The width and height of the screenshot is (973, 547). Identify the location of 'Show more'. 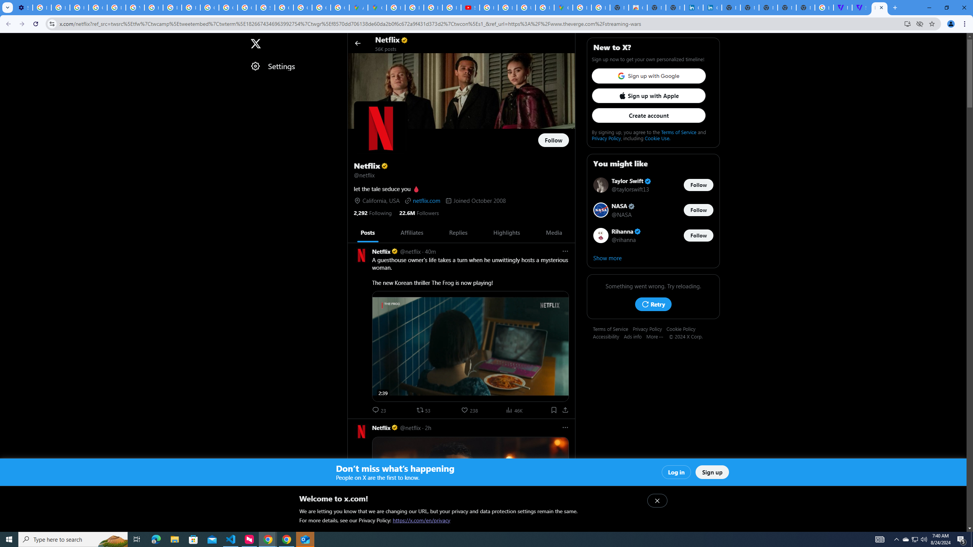
(653, 257).